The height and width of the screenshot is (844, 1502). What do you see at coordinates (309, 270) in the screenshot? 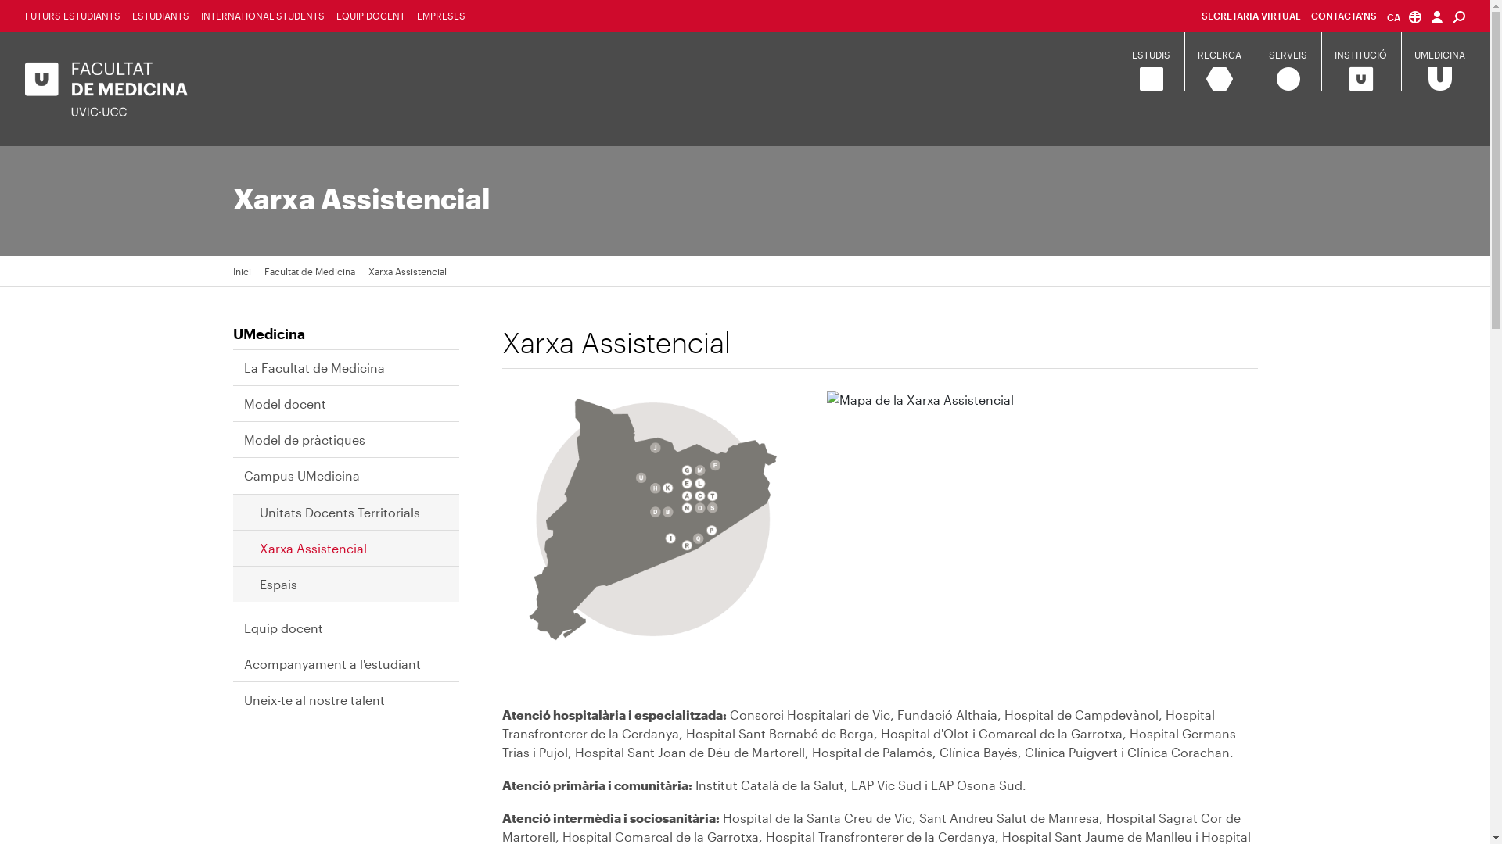
I see `'Facultat de Medicina'` at bounding box center [309, 270].